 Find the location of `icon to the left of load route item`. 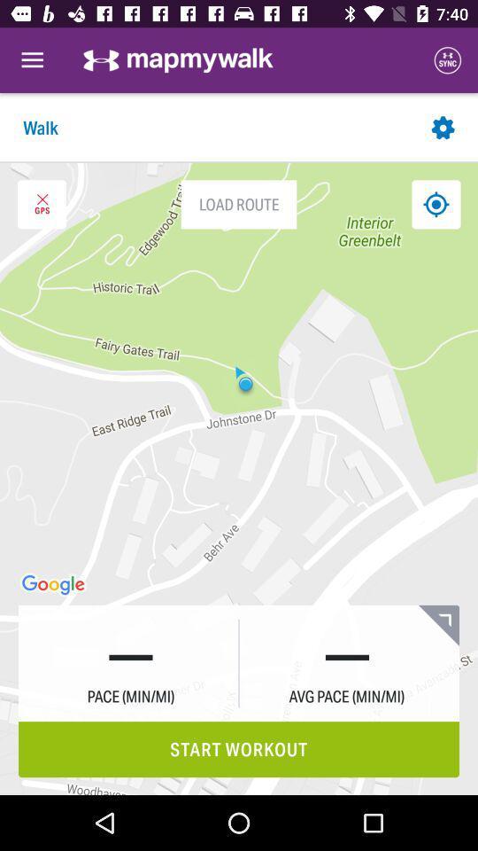

icon to the left of load route item is located at coordinates (42, 204).